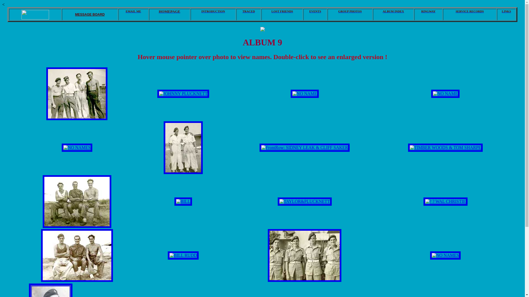  What do you see at coordinates (133, 11) in the screenshot?
I see `'EMAIL ME'` at bounding box center [133, 11].